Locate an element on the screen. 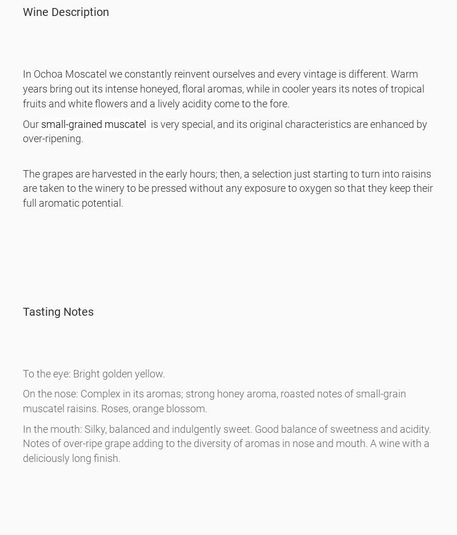 The height and width of the screenshot is (535, 457). 'small-grained muscatel' is located at coordinates (95, 123).